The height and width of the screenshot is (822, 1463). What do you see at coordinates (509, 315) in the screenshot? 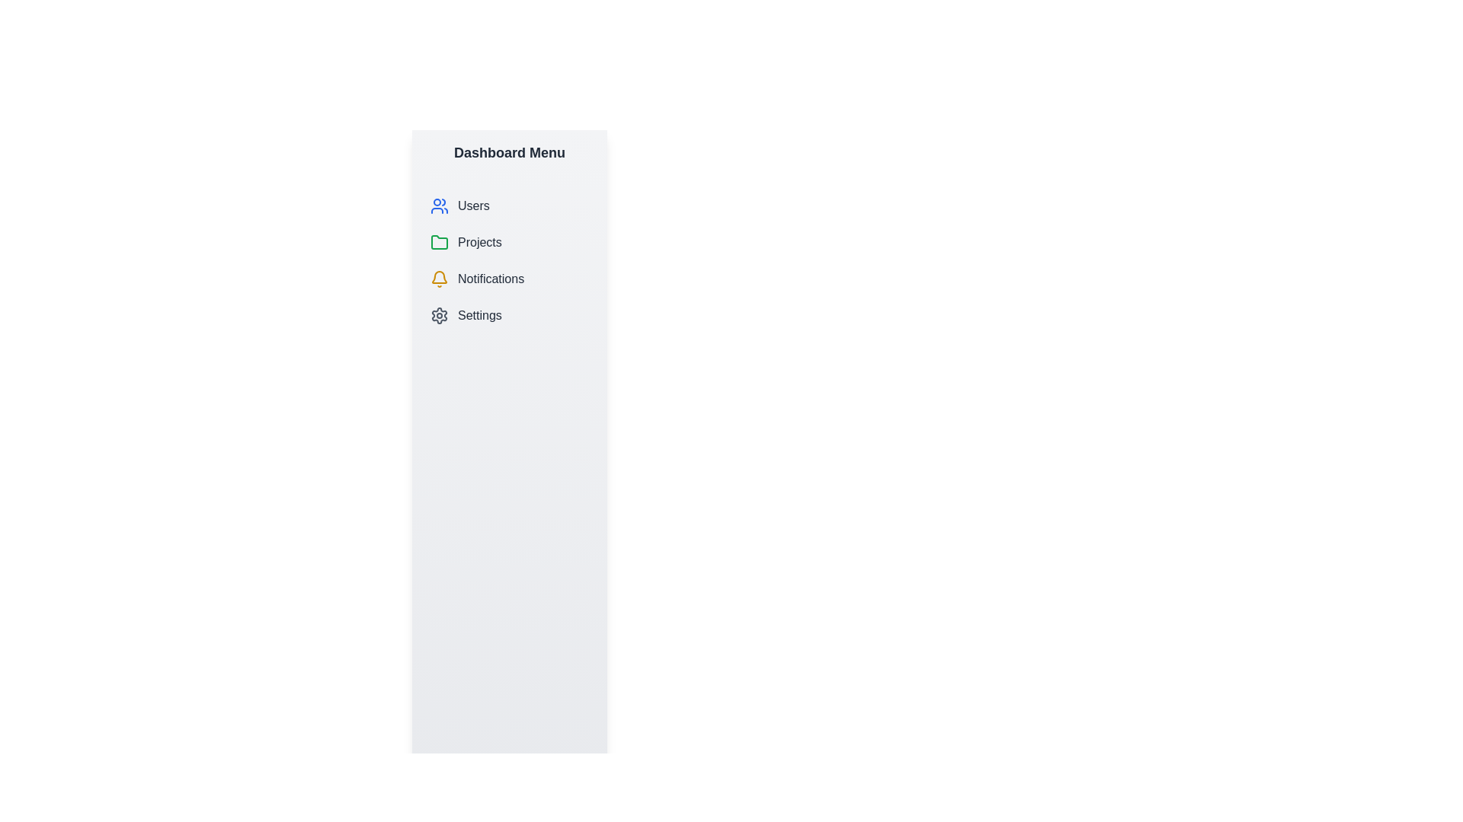
I see `the menu item labeled Settings to navigate to its respective section` at bounding box center [509, 315].